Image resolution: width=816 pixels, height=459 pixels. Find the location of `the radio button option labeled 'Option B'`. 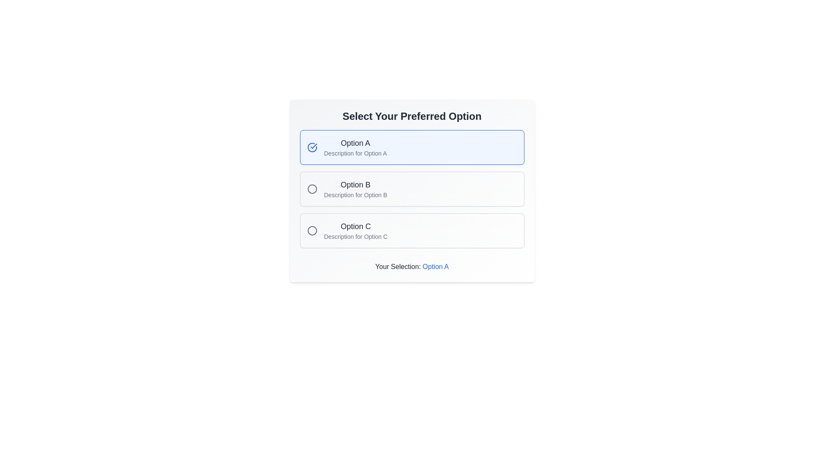

the radio button option labeled 'Option B' is located at coordinates (412, 188).